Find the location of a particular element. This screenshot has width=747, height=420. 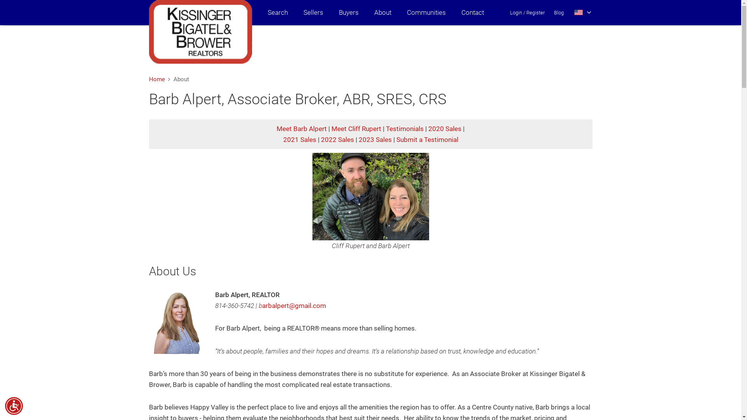

'Meet Cliff Rupert' is located at coordinates (331, 128).